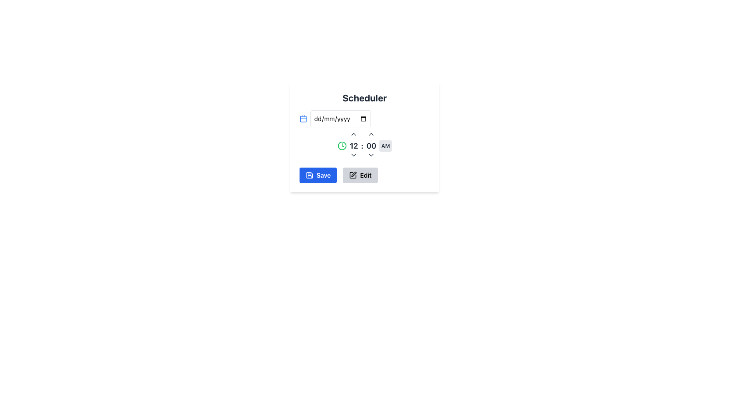  What do you see at coordinates (364, 135) in the screenshot?
I see `the time display and adjustment UI component located in the middle section of the 'Scheduler' modal` at bounding box center [364, 135].